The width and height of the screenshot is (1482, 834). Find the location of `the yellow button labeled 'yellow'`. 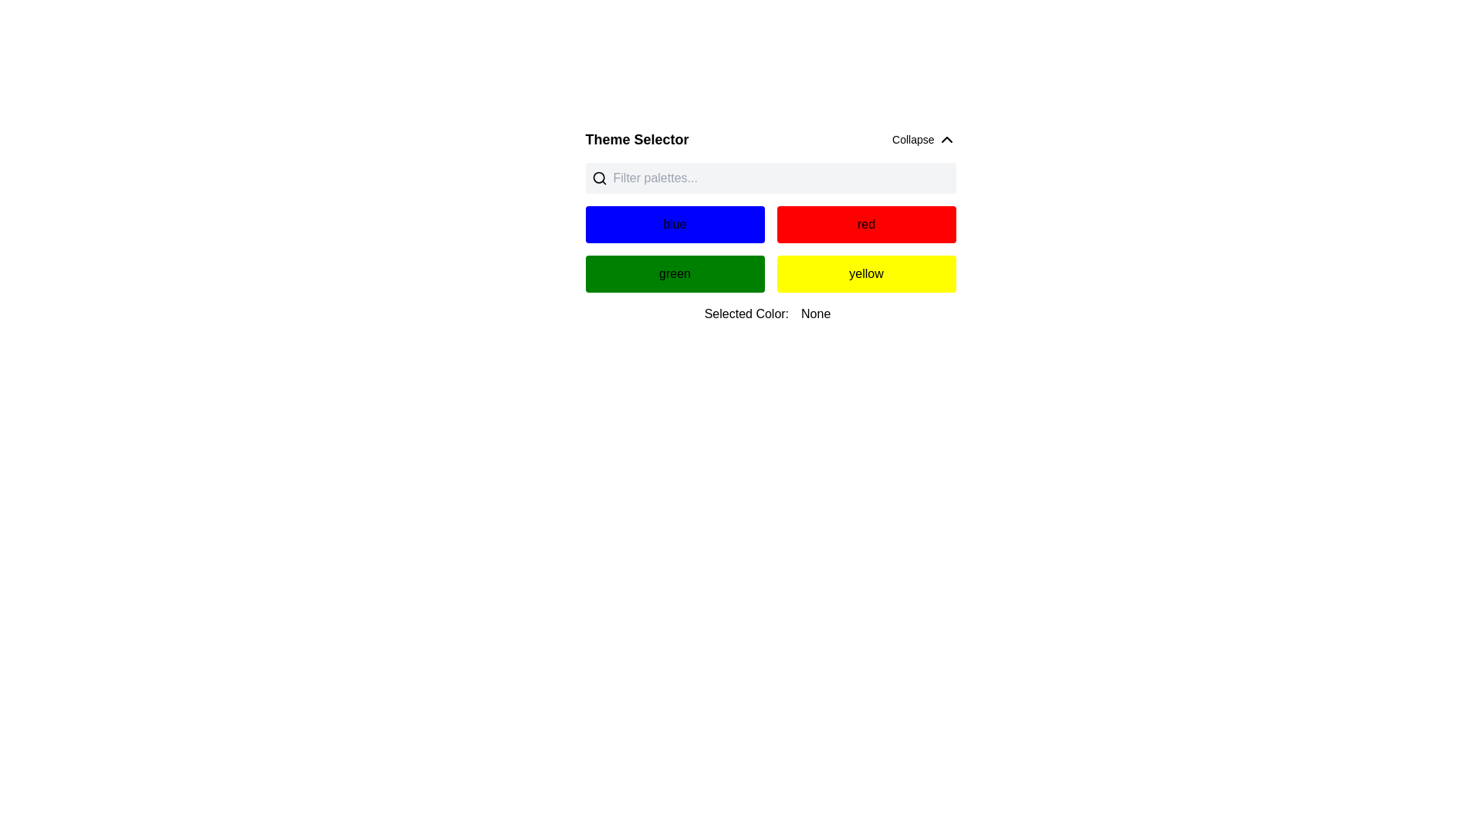

the yellow button labeled 'yellow' is located at coordinates (866, 273).